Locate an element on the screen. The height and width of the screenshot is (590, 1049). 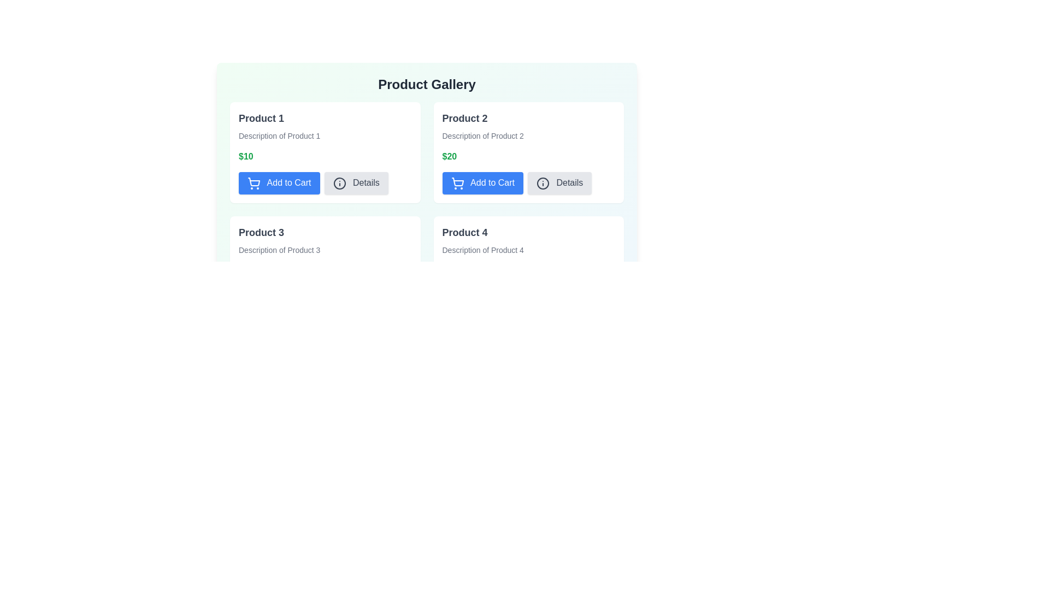
the 'Details' button, which is a grey rectangle with rounded corners and an 'i' icon, to observe its color change effect is located at coordinates (356, 182).